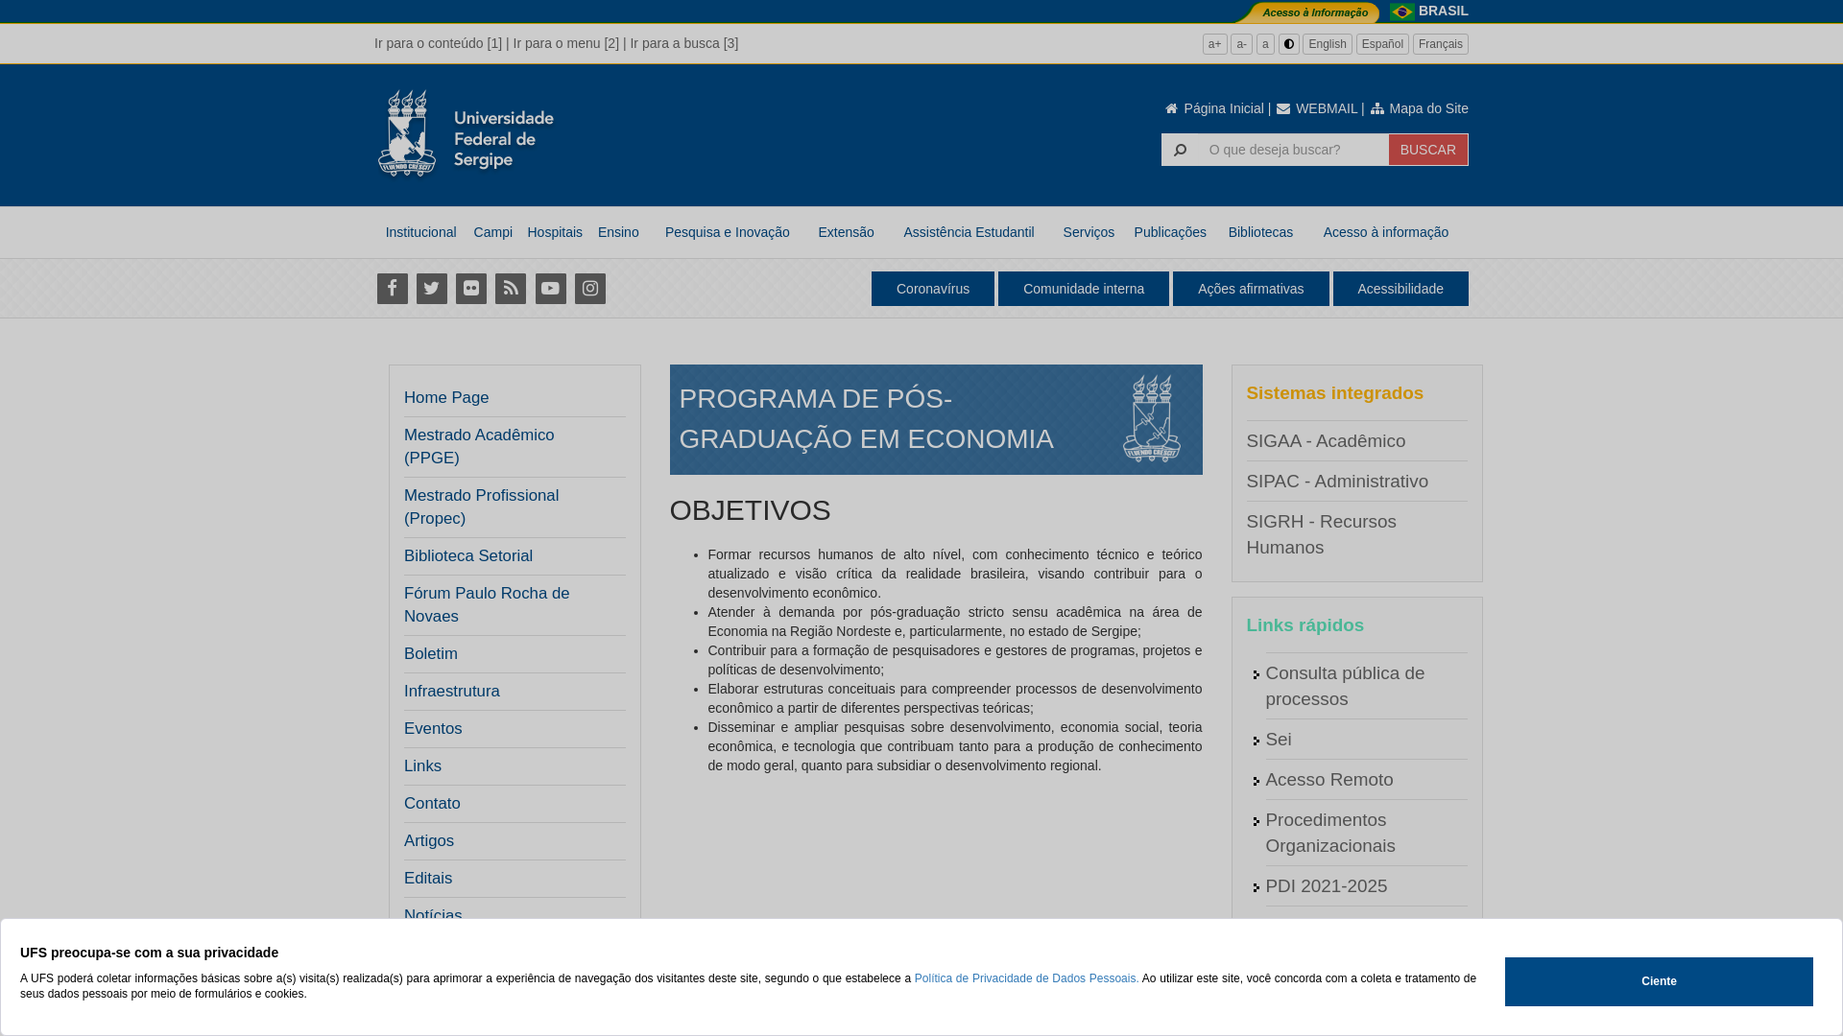 The image size is (1843, 1036). Describe the element at coordinates (617, 231) in the screenshot. I see `'Ensino'` at that location.